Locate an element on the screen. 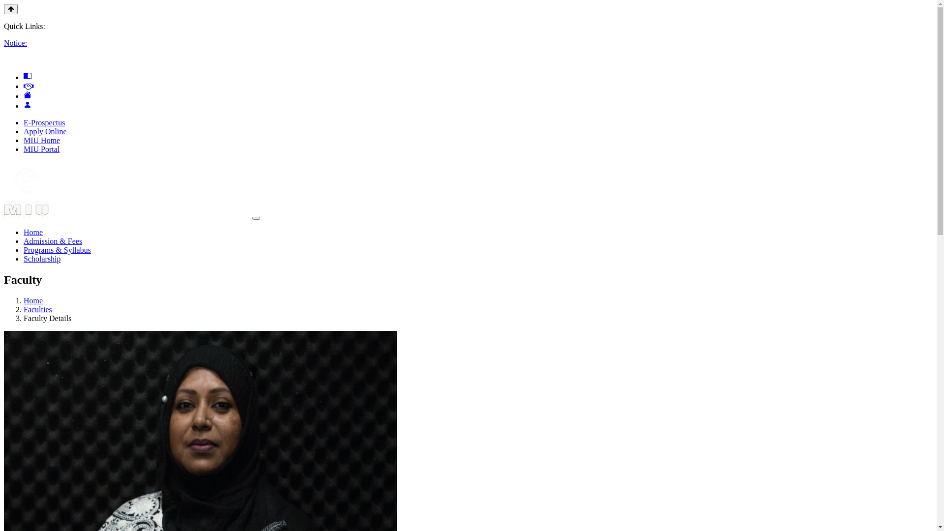 The height and width of the screenshot is (531, 944). 'Apply Online' is located at coordinates (44, 131).